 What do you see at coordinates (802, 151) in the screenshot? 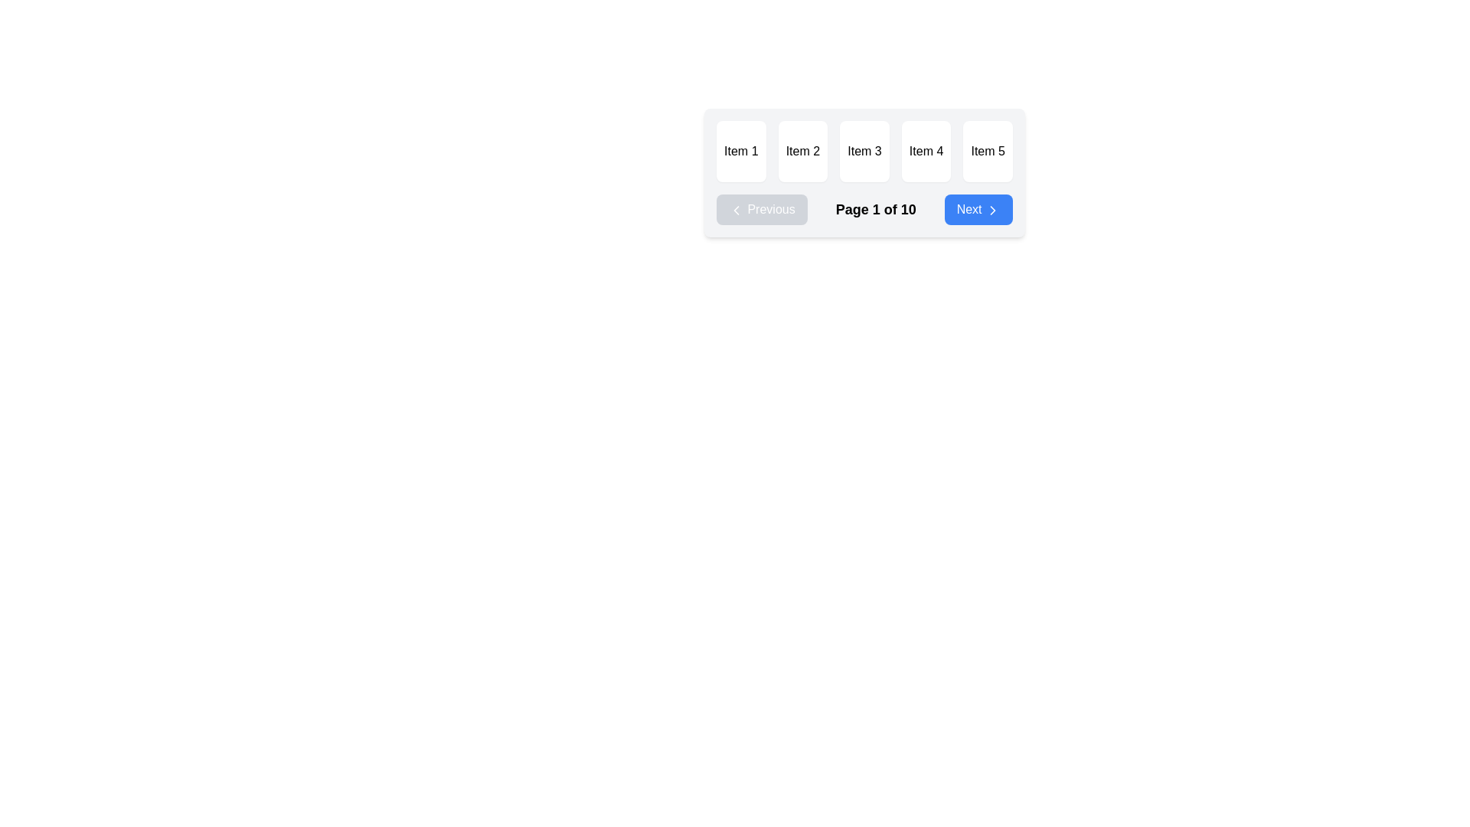
I see `the navigational button labeled 'Item 2'` at bounding box center [802, 151].